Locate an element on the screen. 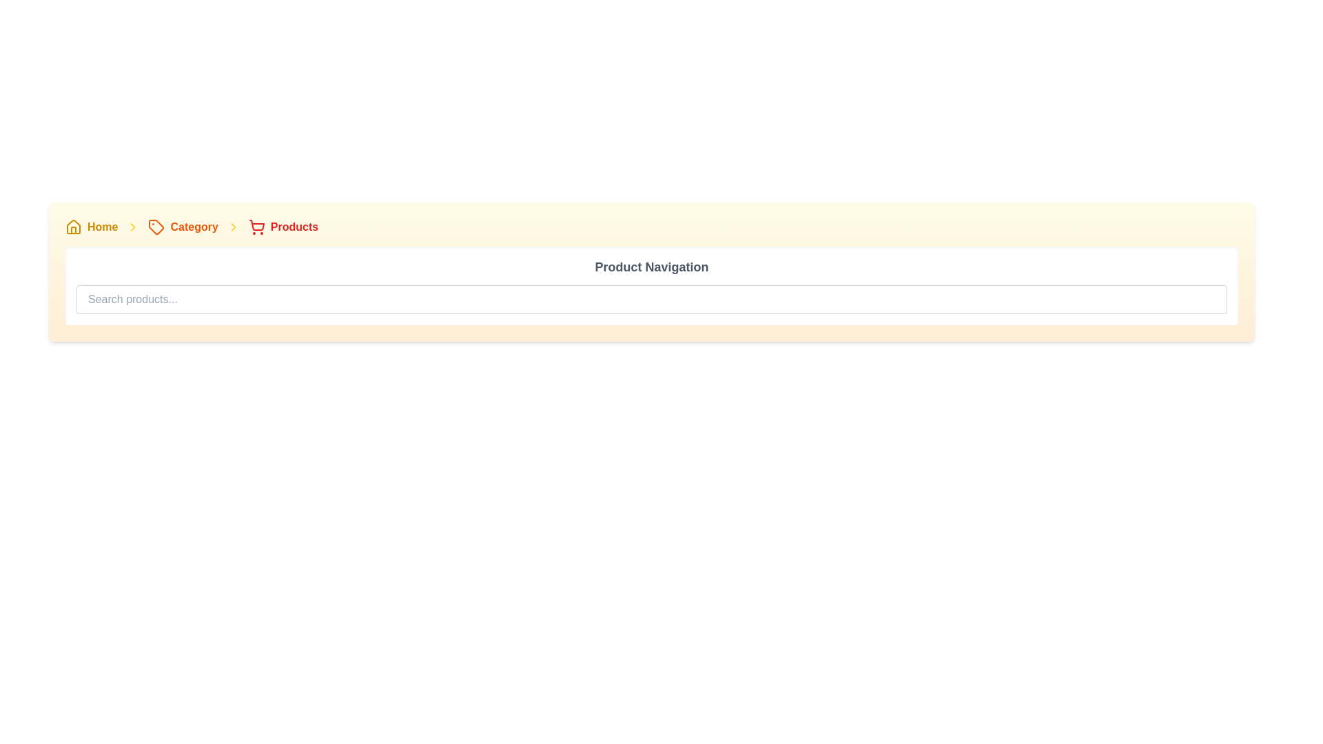 The width and height of the screenshot is (1323, 744). the chevron icon in the breadcrumb navigation bar, which separates 'Home' and 'Category' is located at coordinates (133, 227).